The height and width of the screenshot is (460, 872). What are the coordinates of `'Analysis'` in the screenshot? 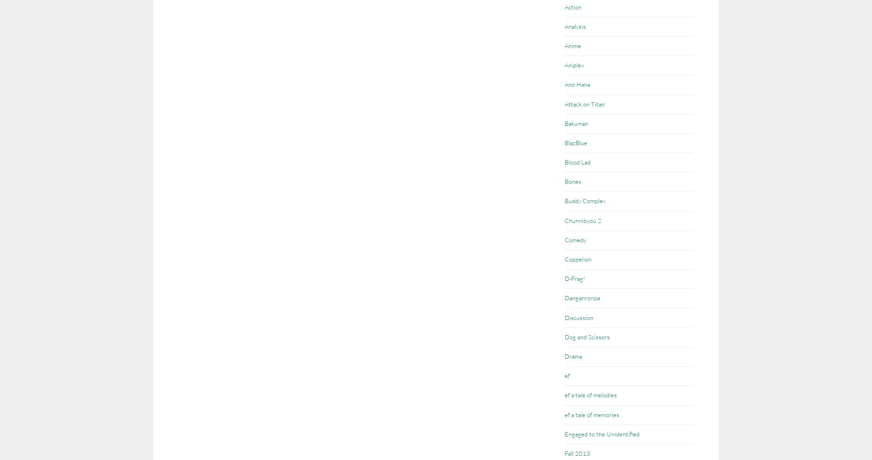 It's located at (575, 26).